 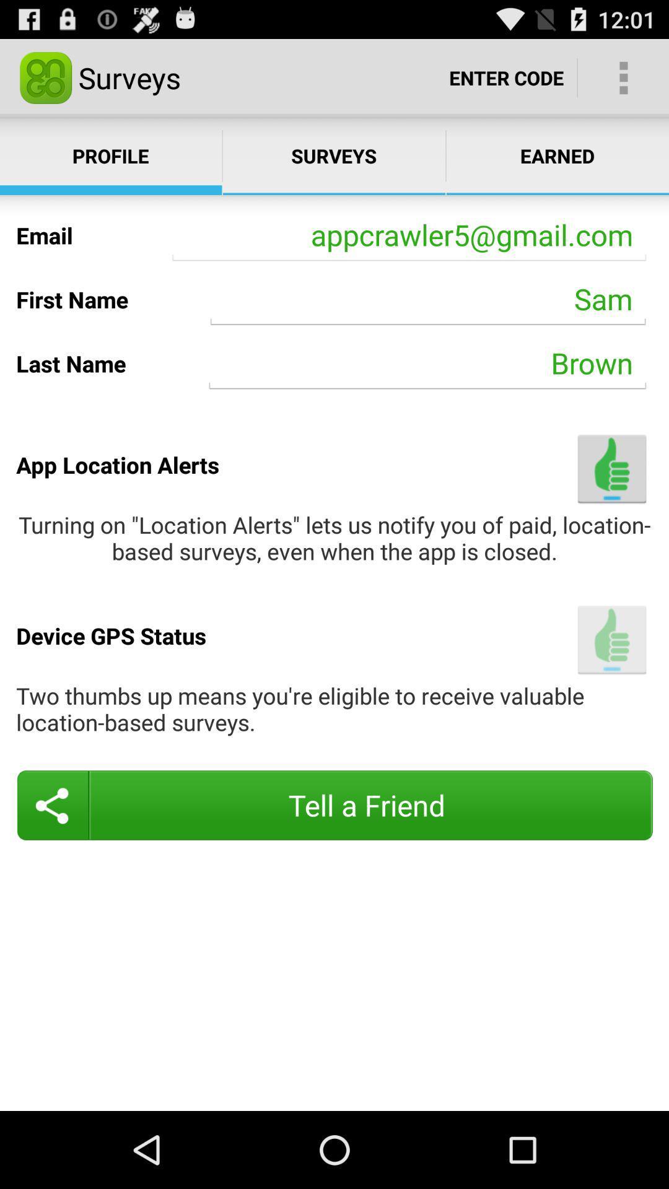 I want to click on item below two thumbs up, so click(x=334, y=805).